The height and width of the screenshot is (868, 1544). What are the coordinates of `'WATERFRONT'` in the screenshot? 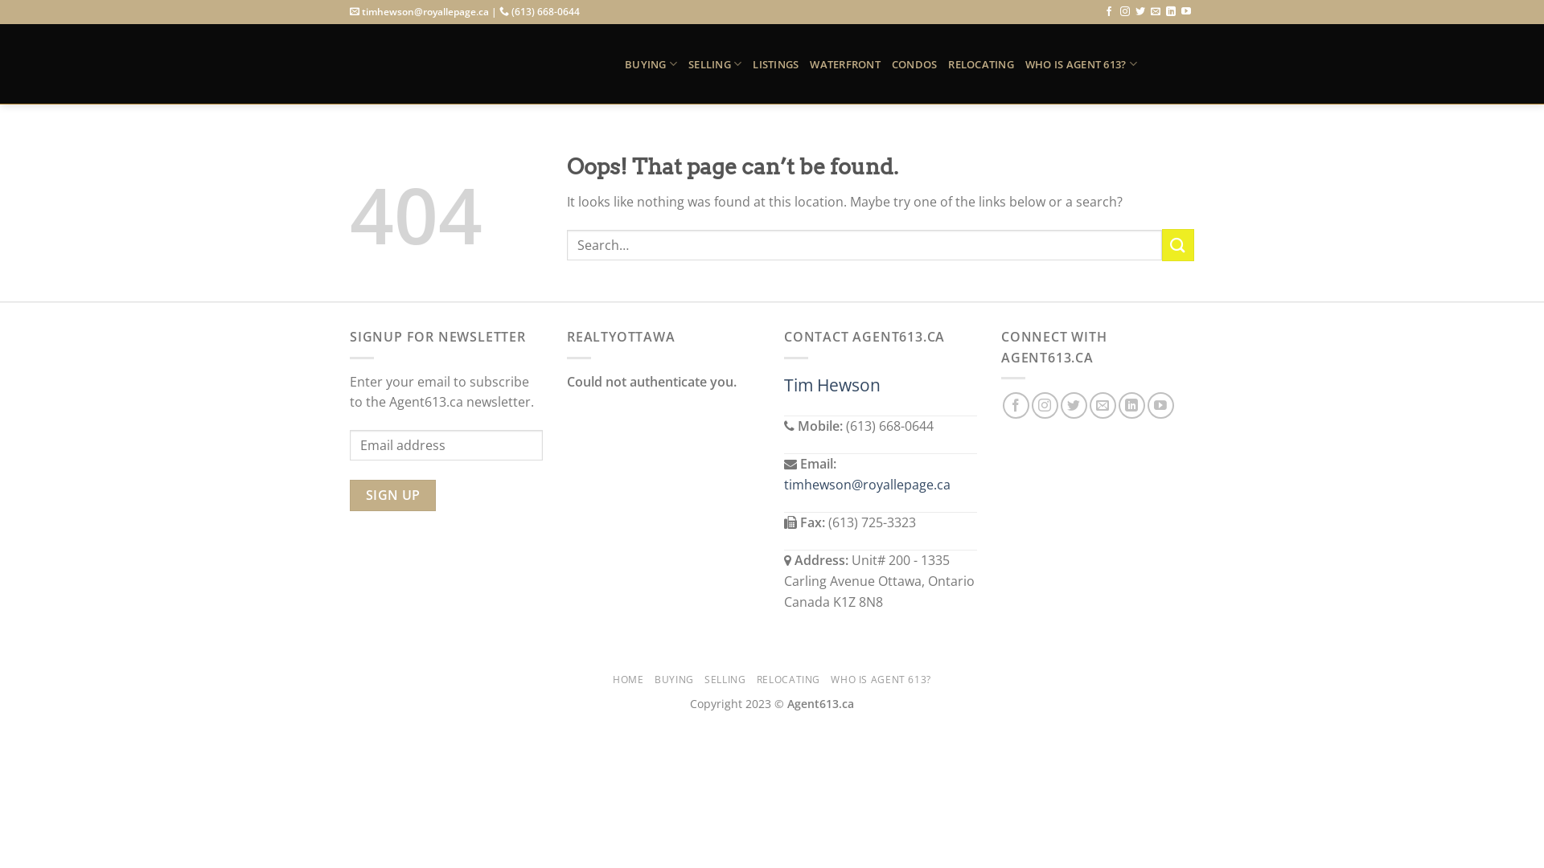 It's located at (810, 63).